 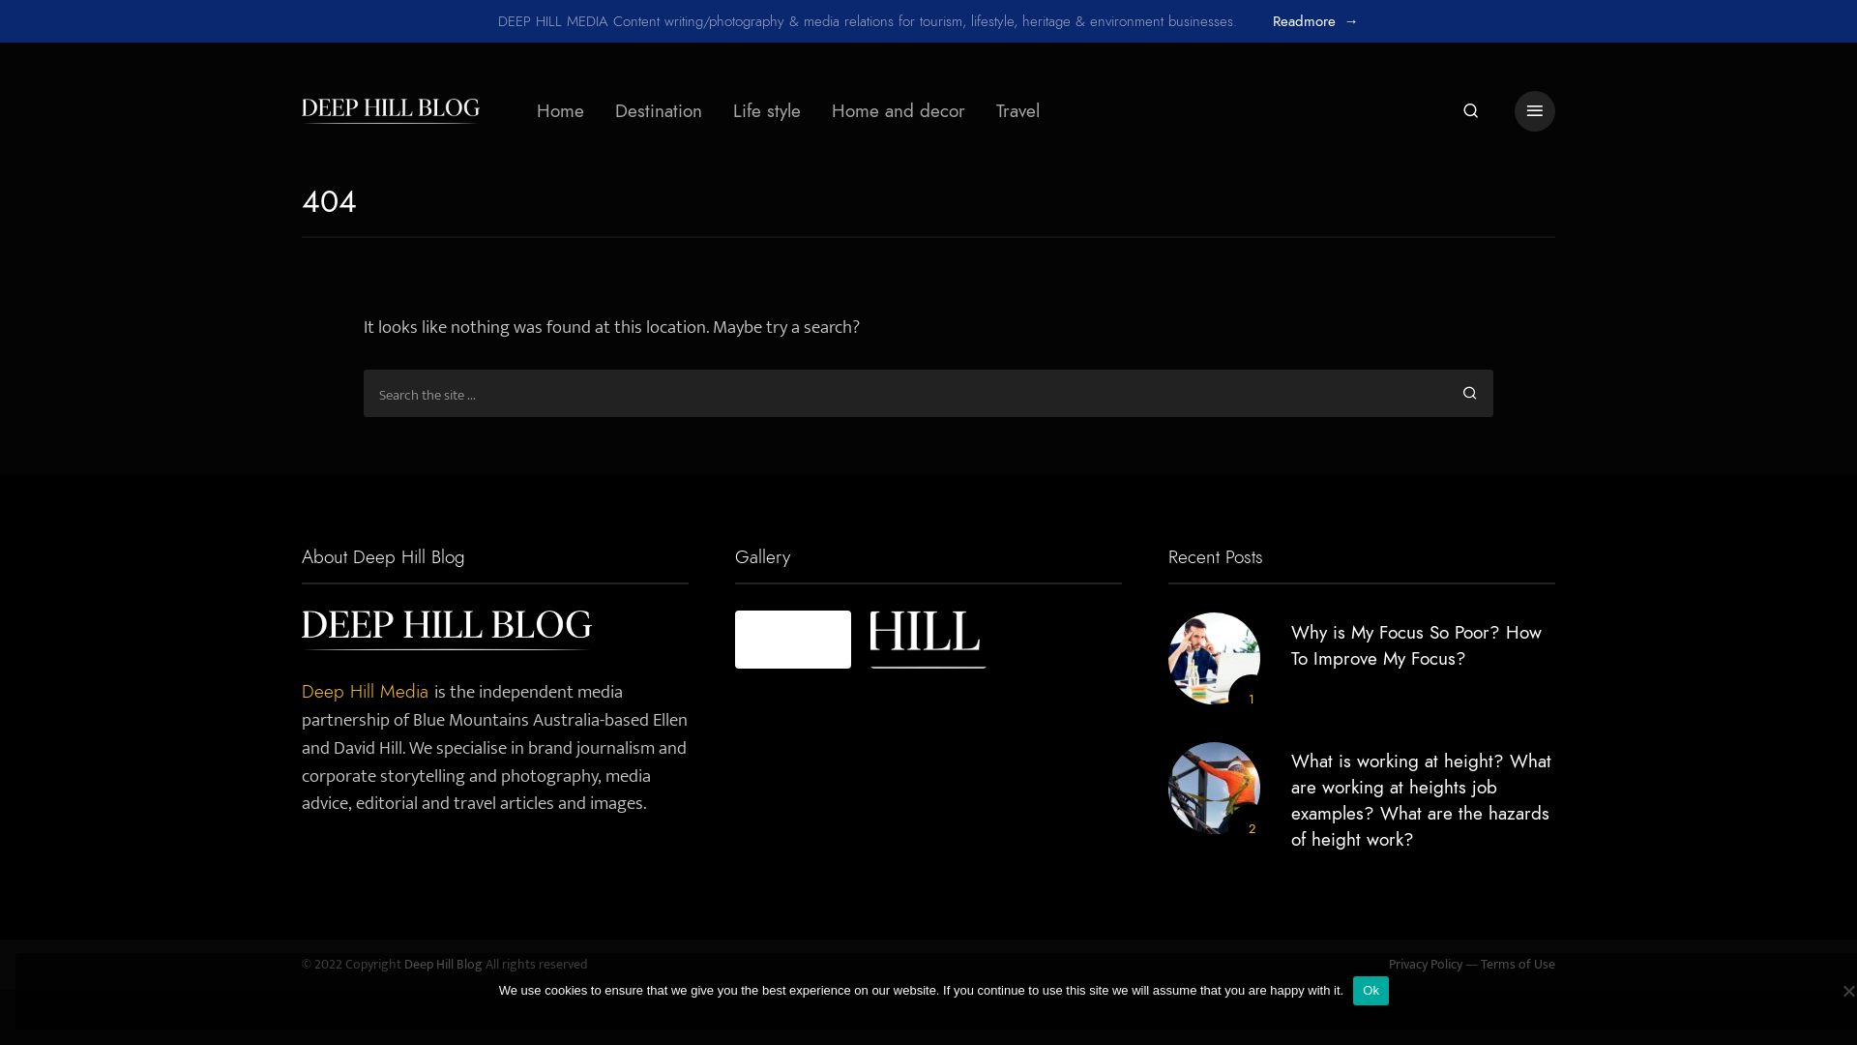 What do you see at coordinates (368, 690) in the screenshot?
I see `'Deep Hill Media'` at bounding box center [368, 690].